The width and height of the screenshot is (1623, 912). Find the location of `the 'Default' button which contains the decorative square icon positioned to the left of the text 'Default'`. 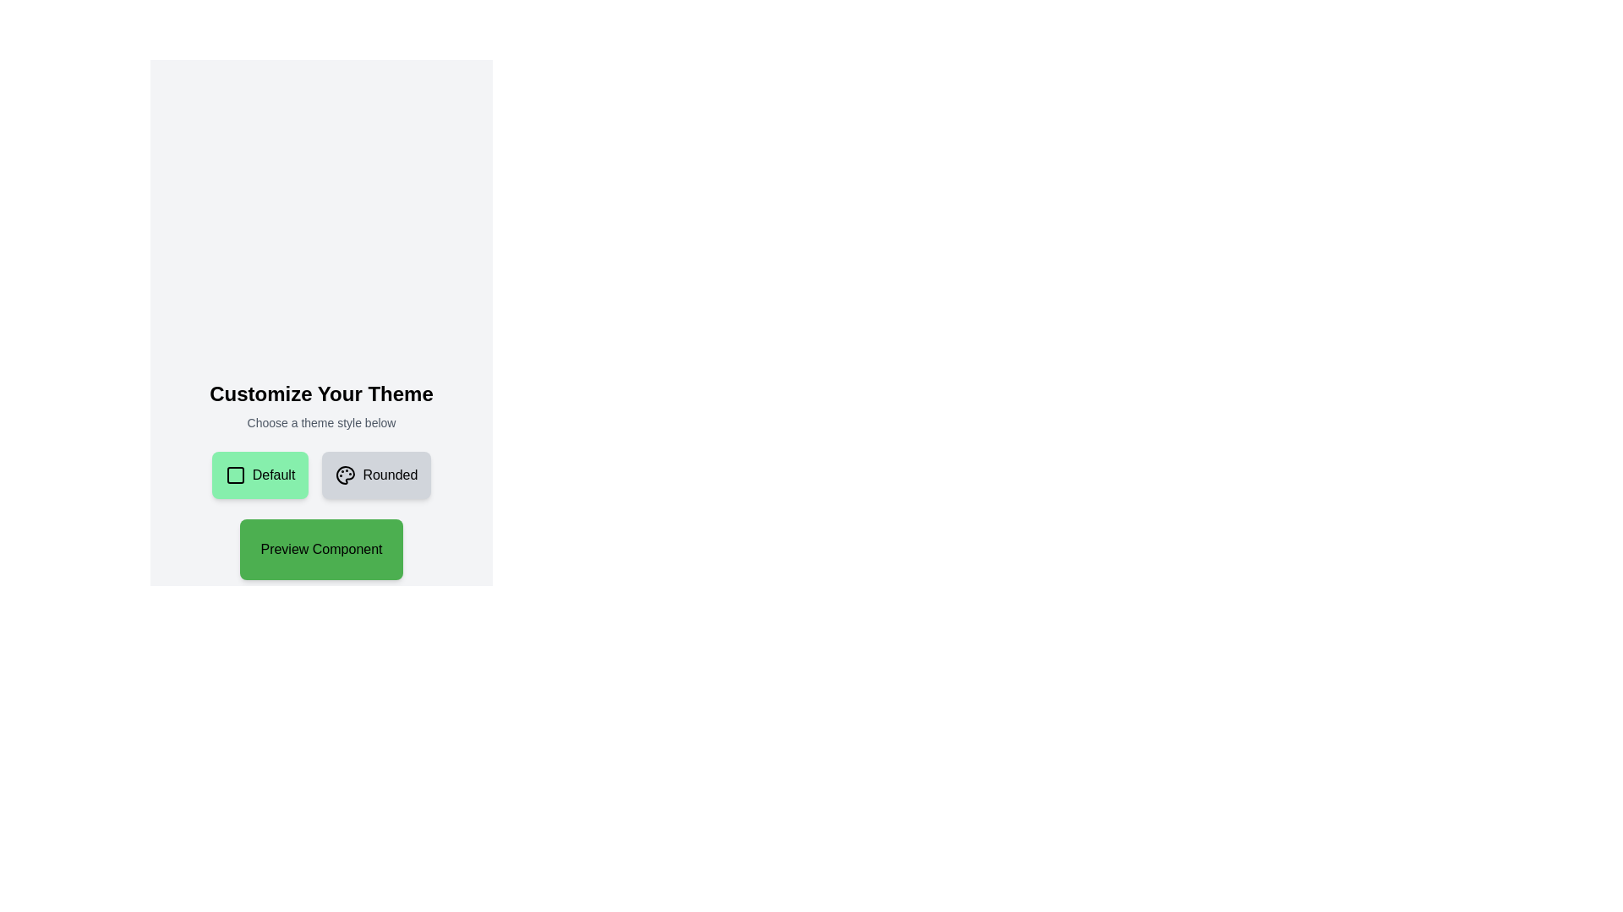

the 'Default' button which contains the decorative square icon positioned to the left of the text 'Default' is located at coordinates (234, 475).